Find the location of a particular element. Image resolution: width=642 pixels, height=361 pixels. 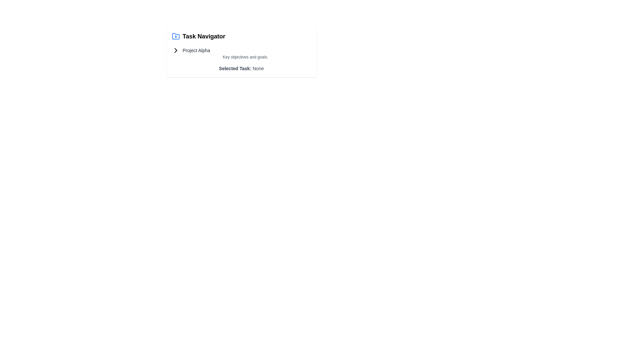

the icon located at the upper left corner of the 'Task Navigator' section is located at coordinates (176, 36).